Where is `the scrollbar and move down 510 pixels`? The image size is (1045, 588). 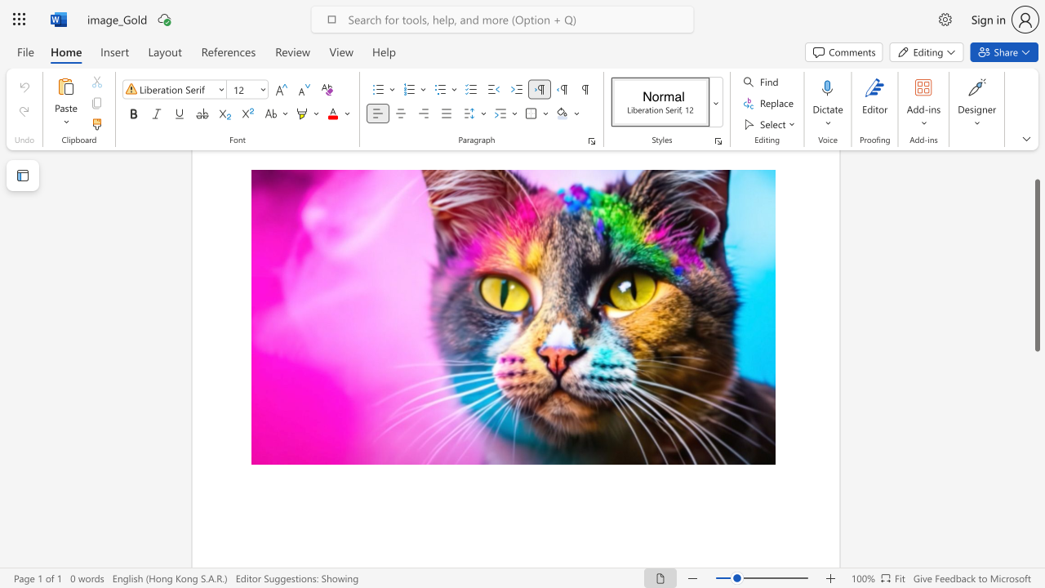
the scrollbar and move down 510 pixels is located at coordinates (1036, 265).